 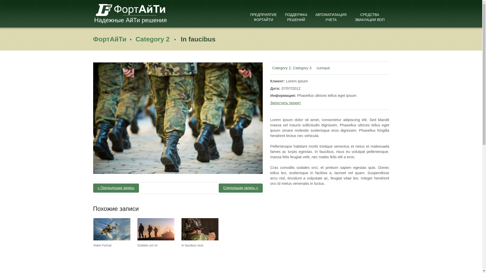 What do you see at coordinates (147, 245) in the screenshot?
I see `'Sodales orci et'` at bounding box center [147, 245].